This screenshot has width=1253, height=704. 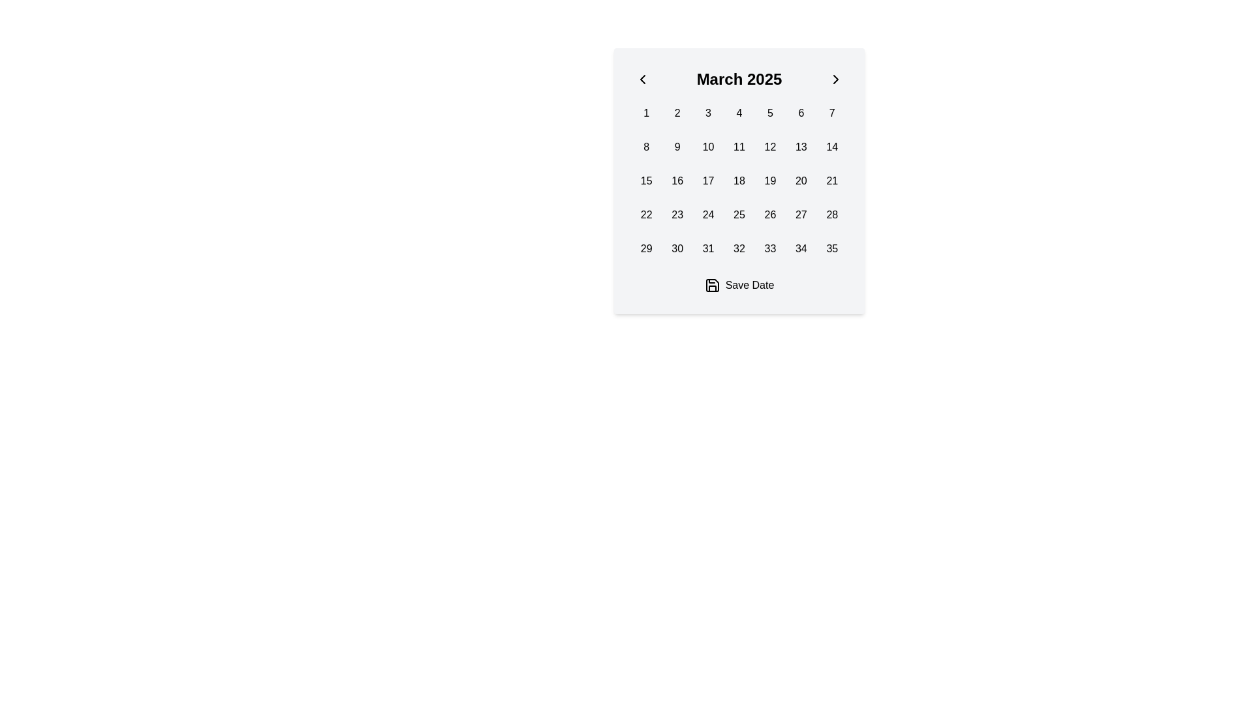 I want to click on the interactive date selection button representing the date '12' in the March 2025 calendar view, so click(x=770, y=147).